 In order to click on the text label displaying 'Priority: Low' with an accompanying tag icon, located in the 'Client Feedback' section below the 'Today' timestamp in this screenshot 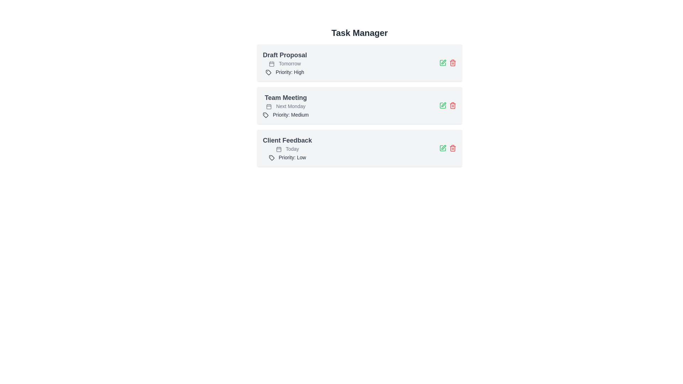, I will do `click(287, 157)`.